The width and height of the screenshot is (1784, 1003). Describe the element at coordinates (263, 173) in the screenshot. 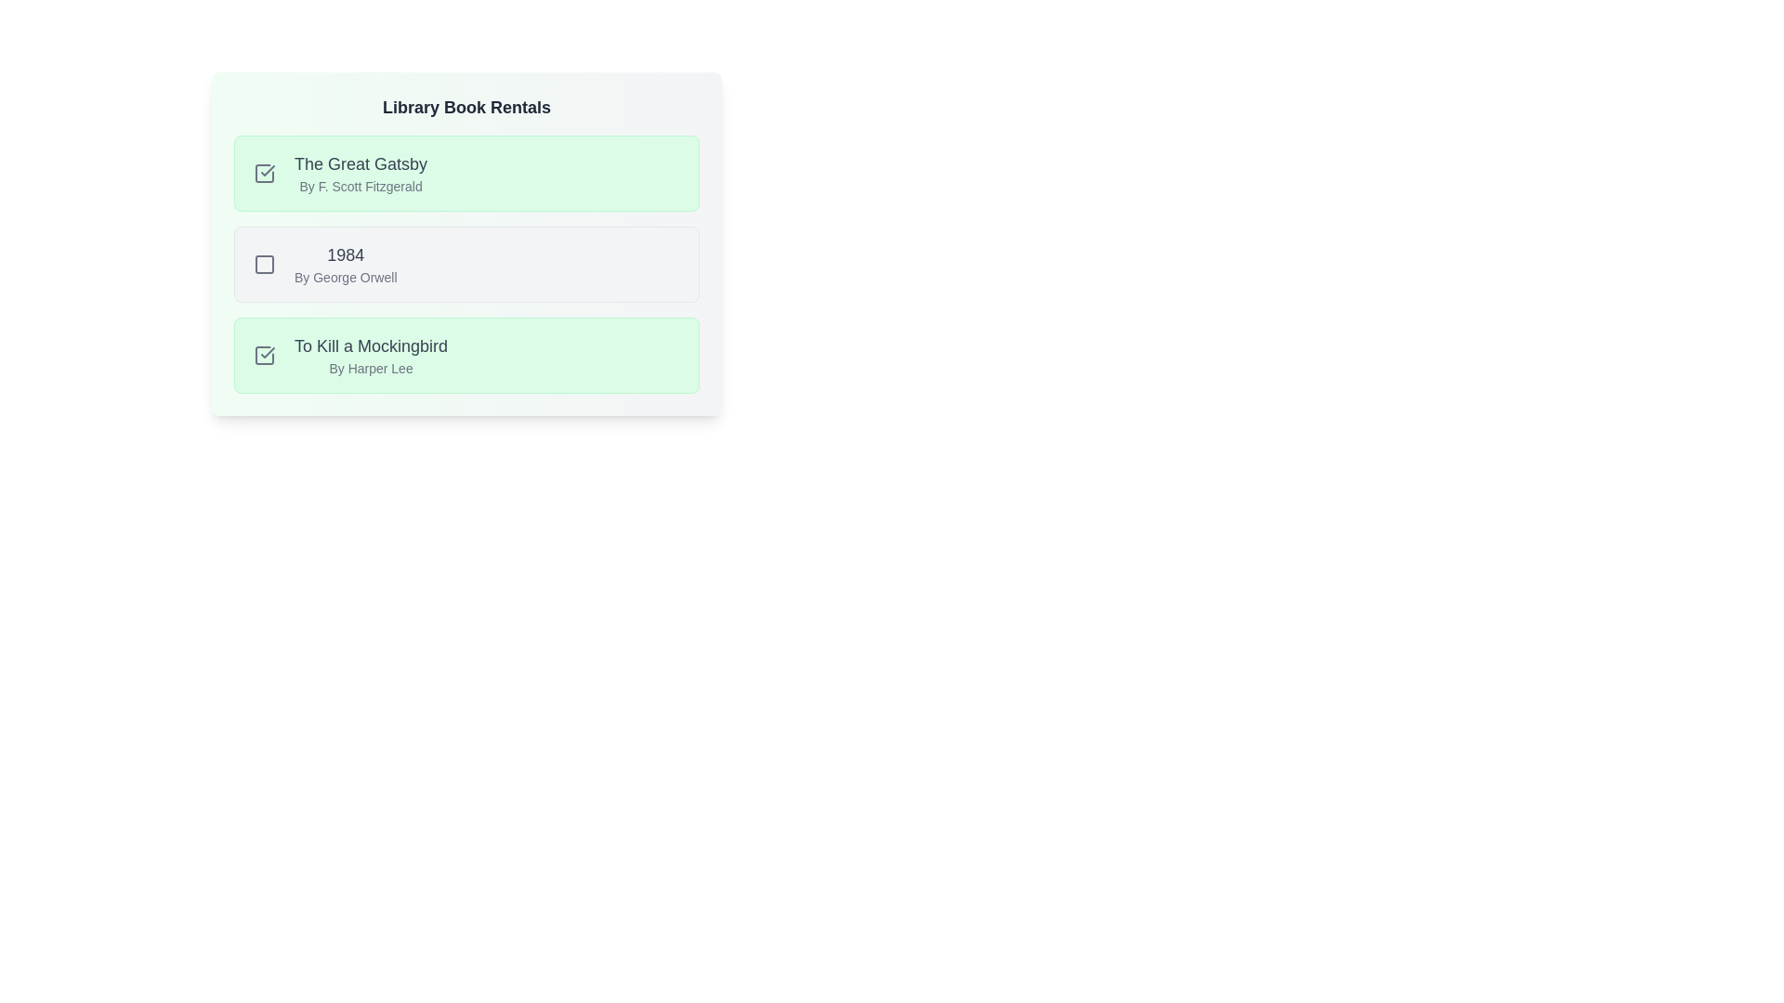

I see `the toggle button for The Great Gatsby` at that location.